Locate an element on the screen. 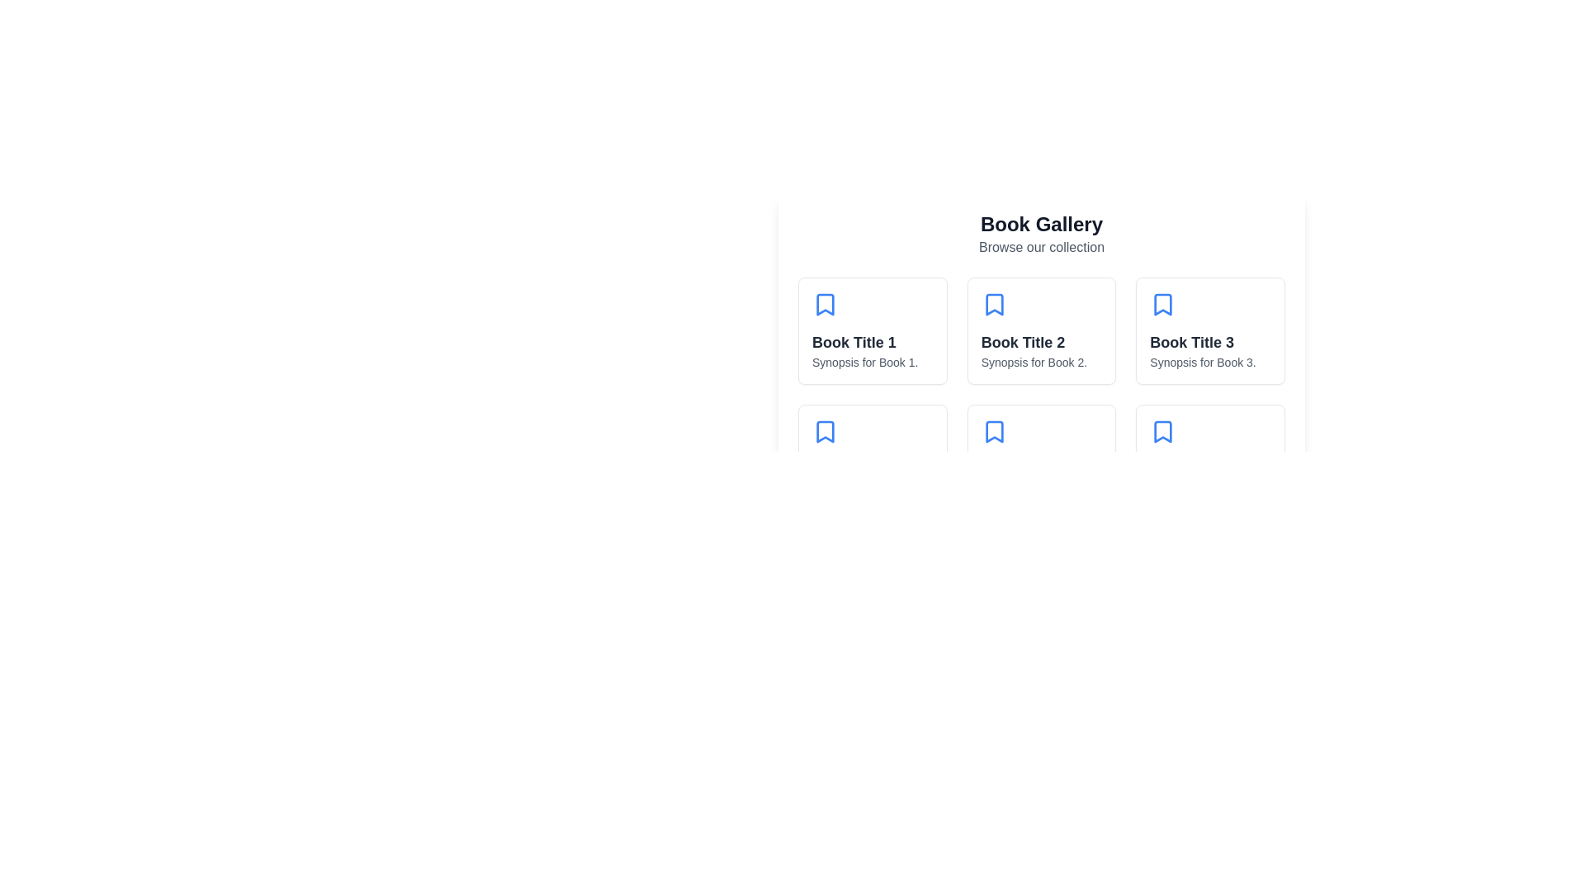  the blue bookmark icon located above the text 'Book Title 1' within the first card of the gallery grid is located at coordinates (825, 305).